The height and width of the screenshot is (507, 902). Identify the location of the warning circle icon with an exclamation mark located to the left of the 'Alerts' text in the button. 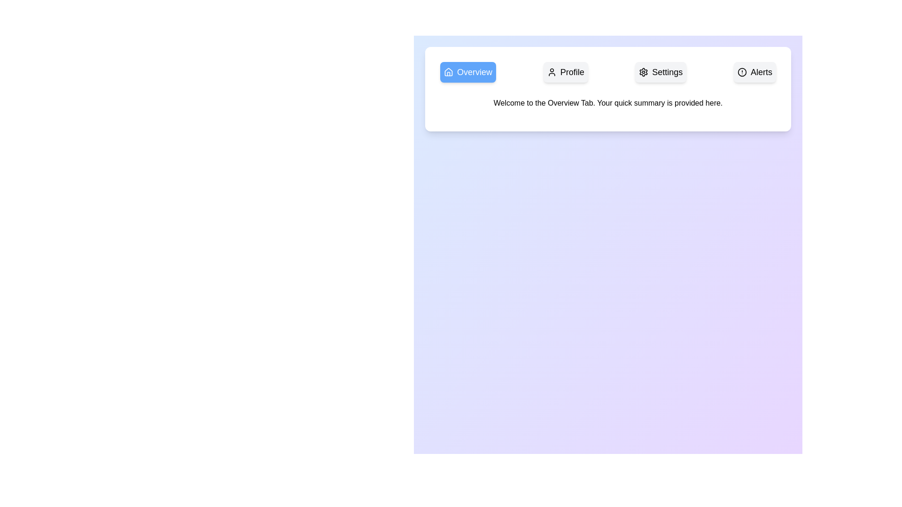
(741, 72).